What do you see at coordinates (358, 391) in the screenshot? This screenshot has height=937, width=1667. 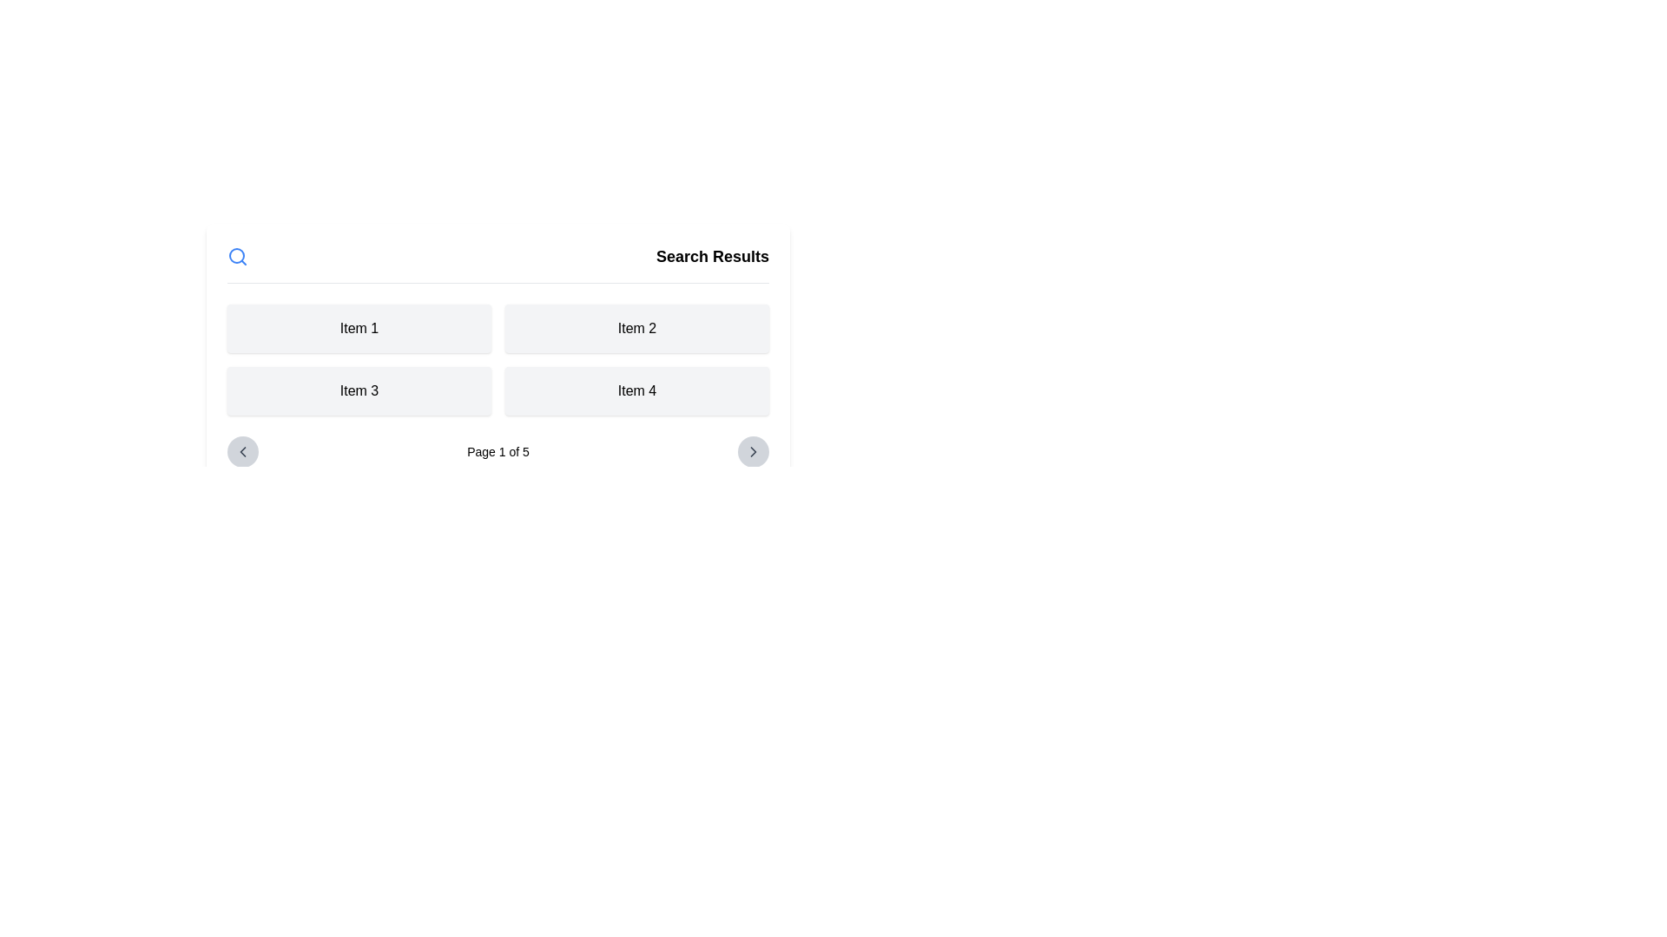 I see `the Static box element located in the second row and first column of the 2x2 grid` at bounding box center [358, 391].